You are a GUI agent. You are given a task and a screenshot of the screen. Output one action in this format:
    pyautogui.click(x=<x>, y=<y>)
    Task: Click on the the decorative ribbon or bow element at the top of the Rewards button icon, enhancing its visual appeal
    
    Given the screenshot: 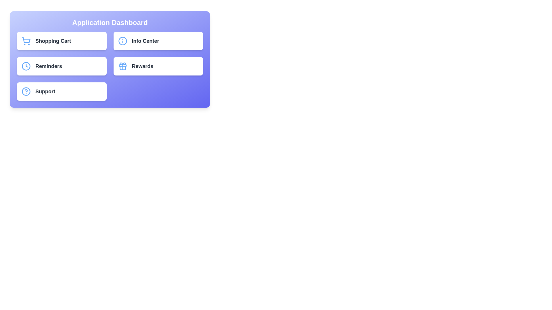 What is the action you would take?
    pyautogui.click(x=122, y=64)
    